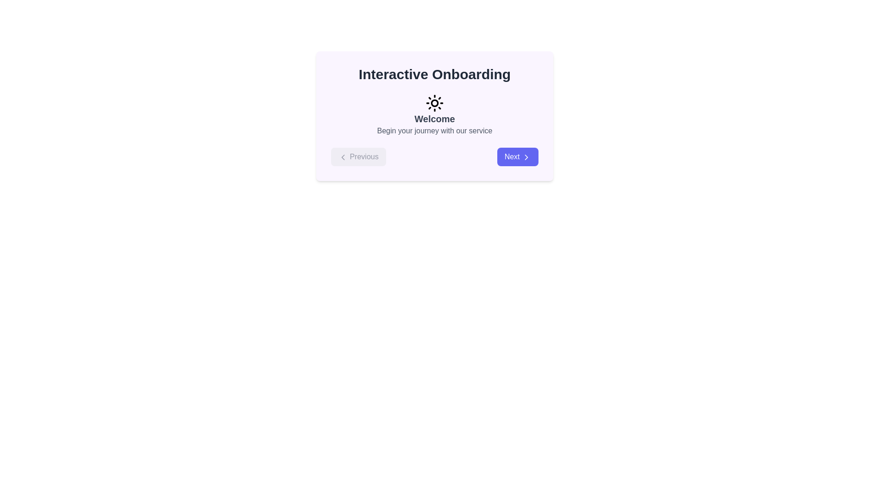 The height and width of the screenshot is (500, 889). Describe the element at coordinates (342, 156) in the screenshot. I see `the left arrow icon used for backward navigation, located near the 'Previous' button in the bottom-left corner of the centered modal` at that location.